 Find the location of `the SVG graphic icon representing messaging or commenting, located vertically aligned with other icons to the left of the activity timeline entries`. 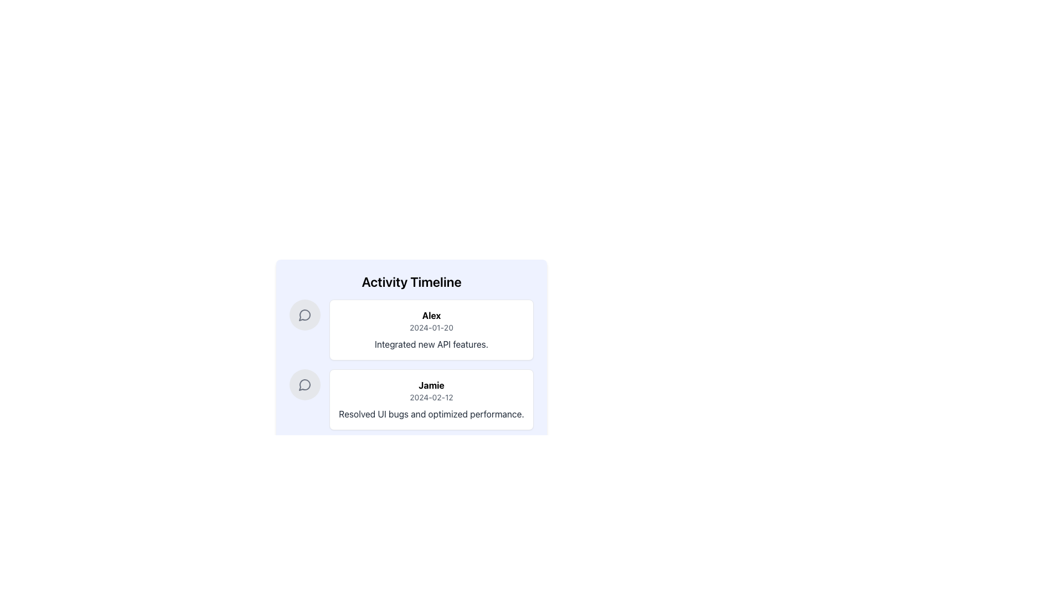

the SVG graphic icon representing messaging or commenting, located vertically aligned with other icons to the left of the activity timeline entries is located at coordinates (305, 384).